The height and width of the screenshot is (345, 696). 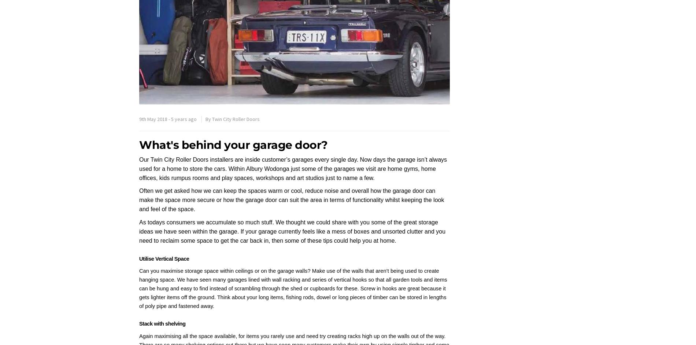 What do you see at coordinates (235, 144) in the screenshot?
I see `'What's behind your garage door?'` at bounding box center [235, 144].